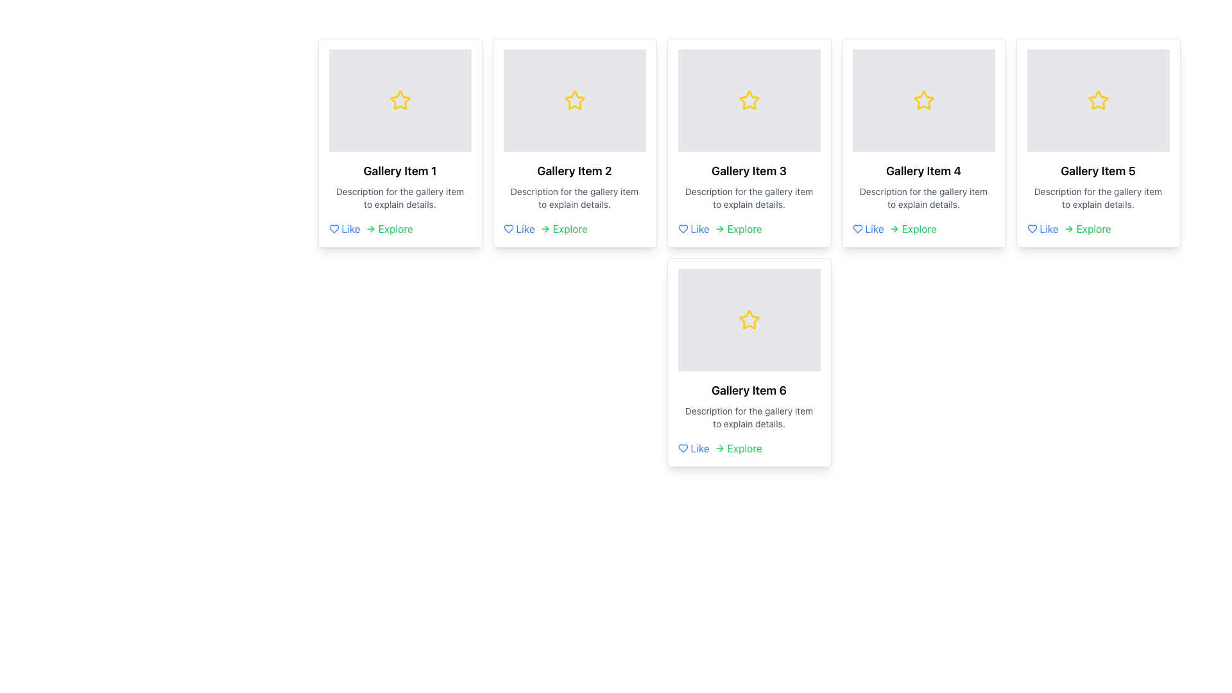 The image size is (1232, 693). What do you see at coordinates (682, 228) in the screenshot?
I see `the heart-shaped icon (SVG) located near the bottom-left corner of 'Gallery Item 3'` at bounding box center [682, 228].